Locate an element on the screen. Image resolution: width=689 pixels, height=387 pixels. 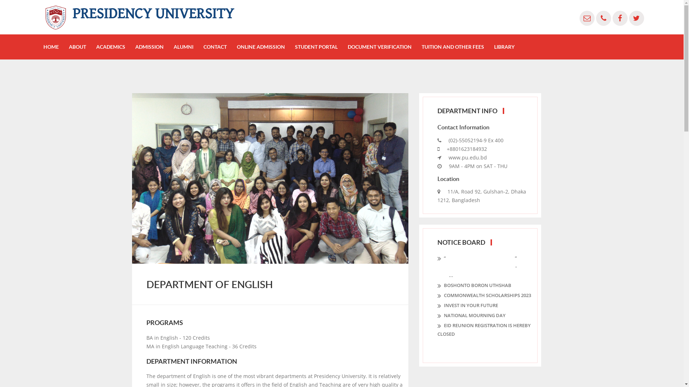
'ADMISSION' is located at coordinates (149, 47).